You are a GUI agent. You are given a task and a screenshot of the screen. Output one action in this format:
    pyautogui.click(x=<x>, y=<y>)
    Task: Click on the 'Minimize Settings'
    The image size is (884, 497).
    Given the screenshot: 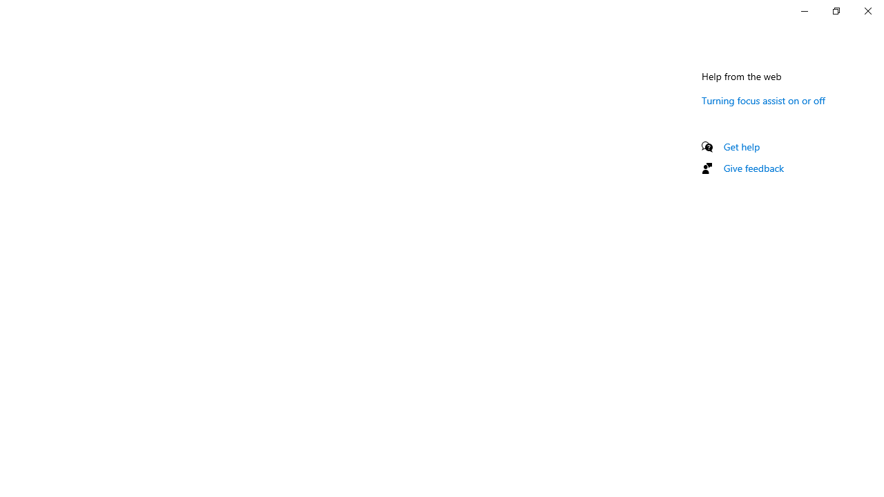 What is the action you would take?
    pyautogui.click(x=804, y=10)
    